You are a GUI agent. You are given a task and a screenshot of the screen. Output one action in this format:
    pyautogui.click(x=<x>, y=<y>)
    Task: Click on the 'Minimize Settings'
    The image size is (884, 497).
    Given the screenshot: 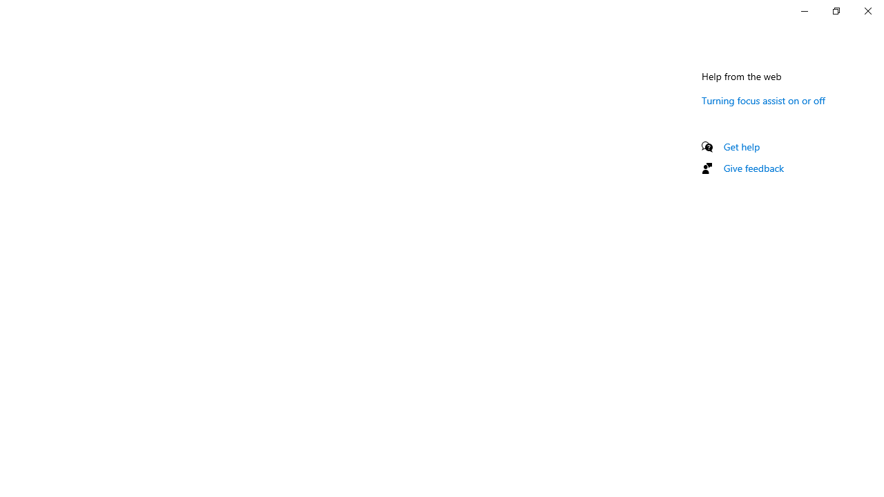 What is the action you would take?
    pyautogui.click(x=804, y=10)
    